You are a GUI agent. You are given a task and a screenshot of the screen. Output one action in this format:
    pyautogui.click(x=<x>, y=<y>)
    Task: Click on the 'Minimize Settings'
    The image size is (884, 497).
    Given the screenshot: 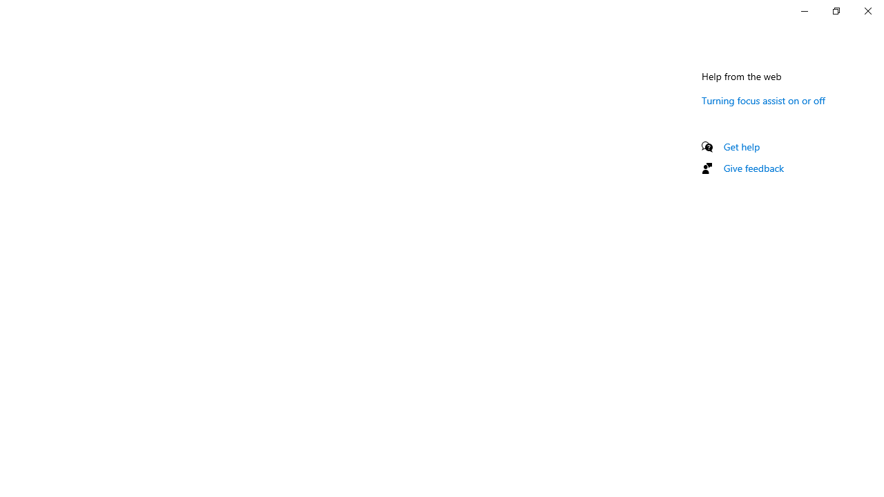 What is the action you would take?
    pyautogui.click(x=804, y=10)
    